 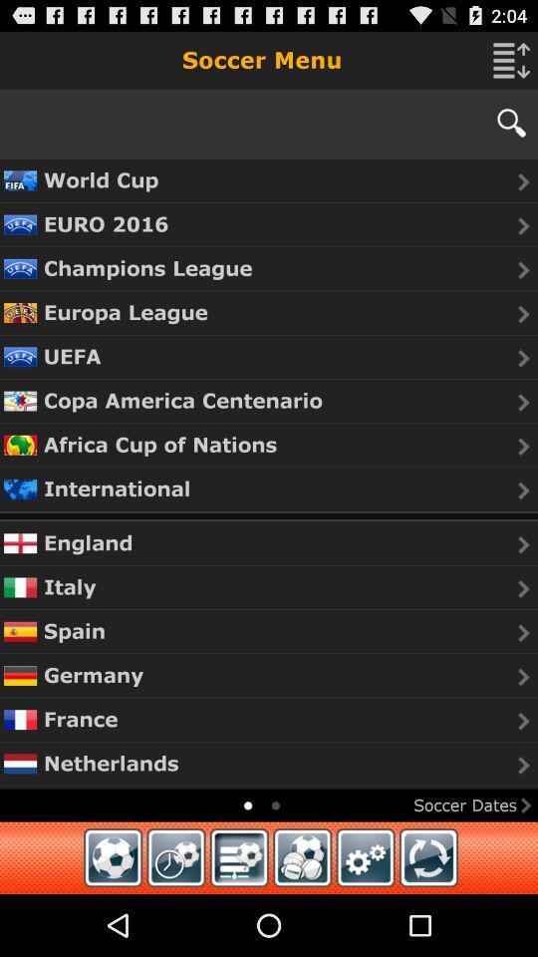 I want to click on the next button which is after france on the page, so click(x=524, y=720).